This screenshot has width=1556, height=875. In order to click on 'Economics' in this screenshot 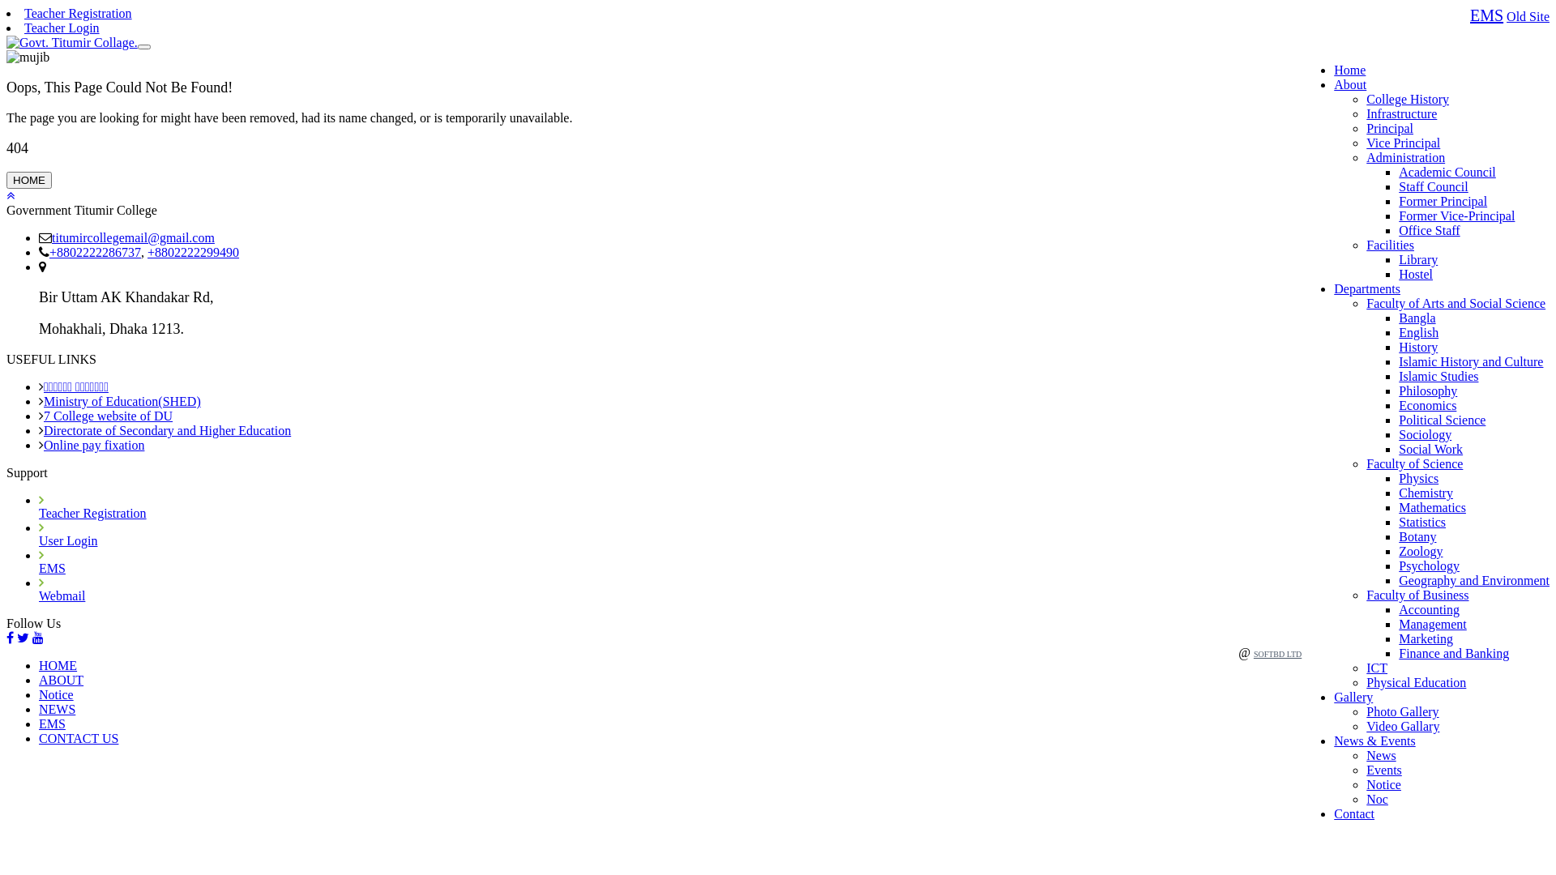, I will do `click(1427, 404)`.